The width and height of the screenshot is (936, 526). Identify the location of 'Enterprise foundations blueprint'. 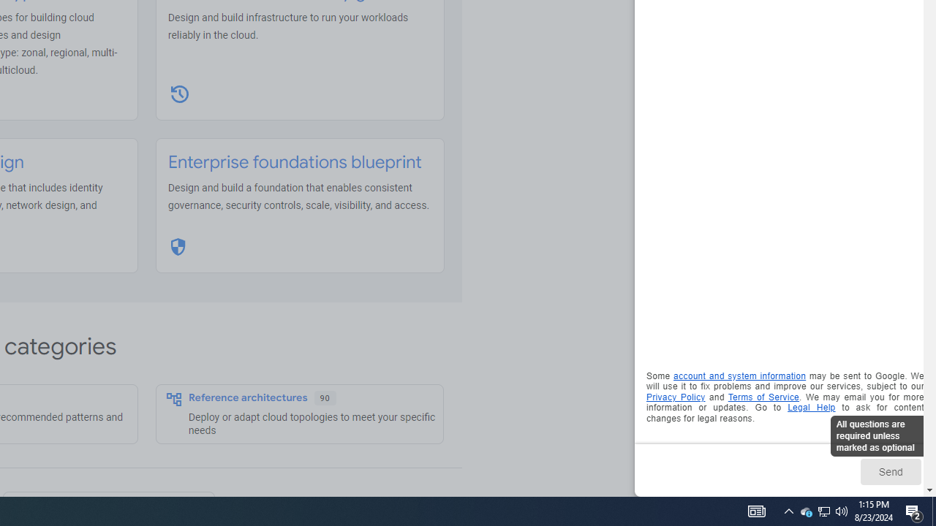
(294, 162).